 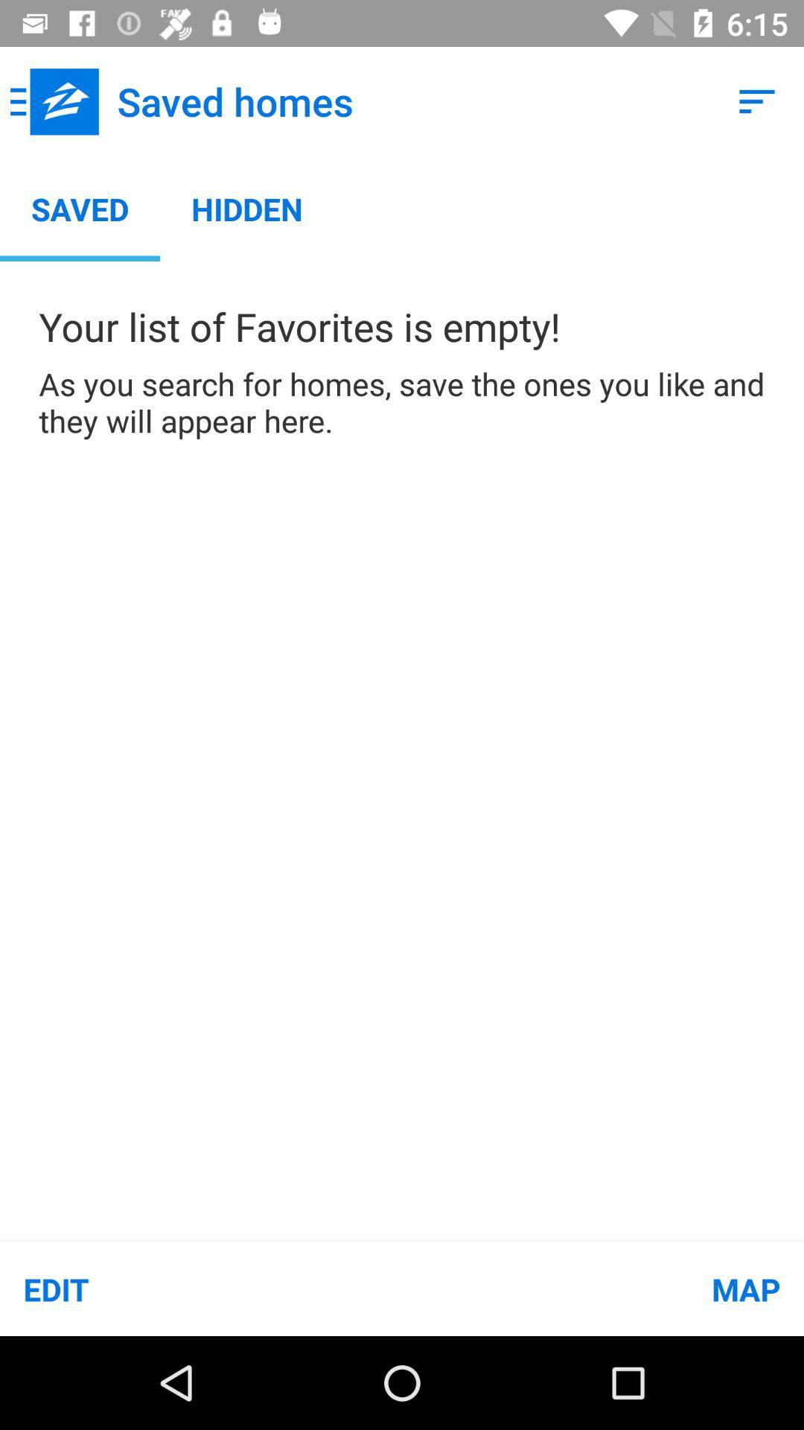 What do you see at coordinates (201, 1288) in the screenshot?
I see `the item below the as you search` at bounding box center [201, 1288].